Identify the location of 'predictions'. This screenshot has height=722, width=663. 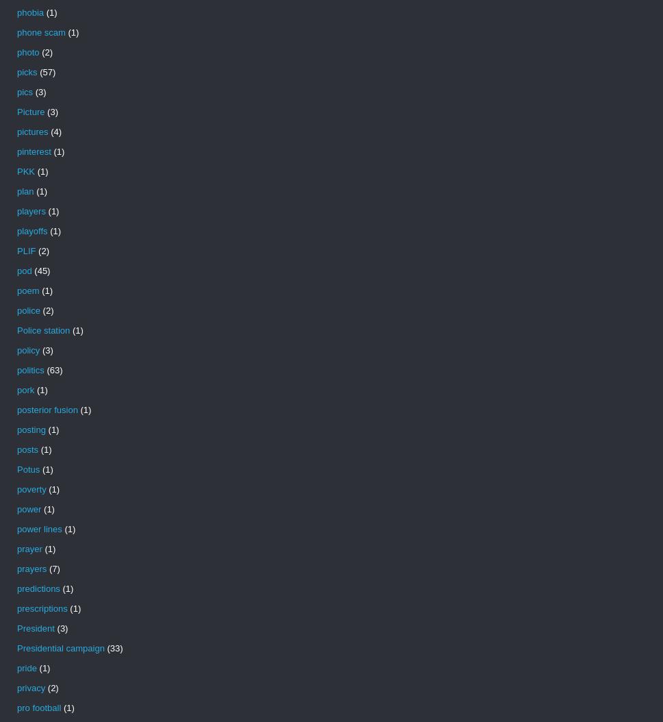
(38, 588).